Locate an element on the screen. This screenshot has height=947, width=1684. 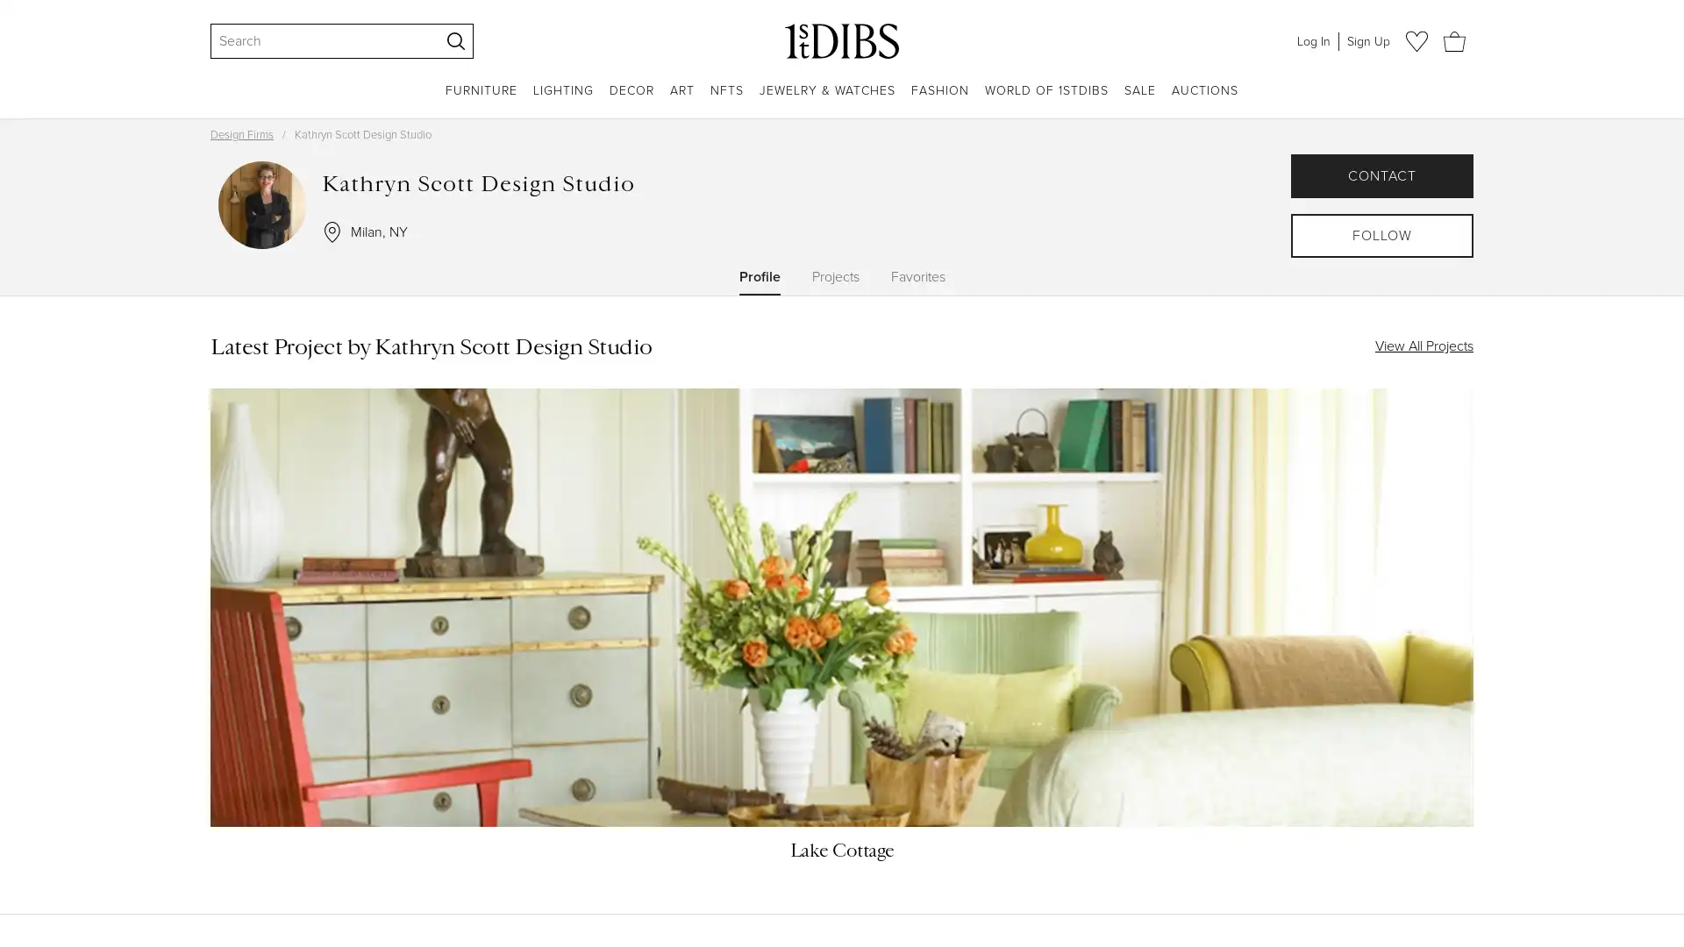
Sign Up is located at coordinates (1367, 39).